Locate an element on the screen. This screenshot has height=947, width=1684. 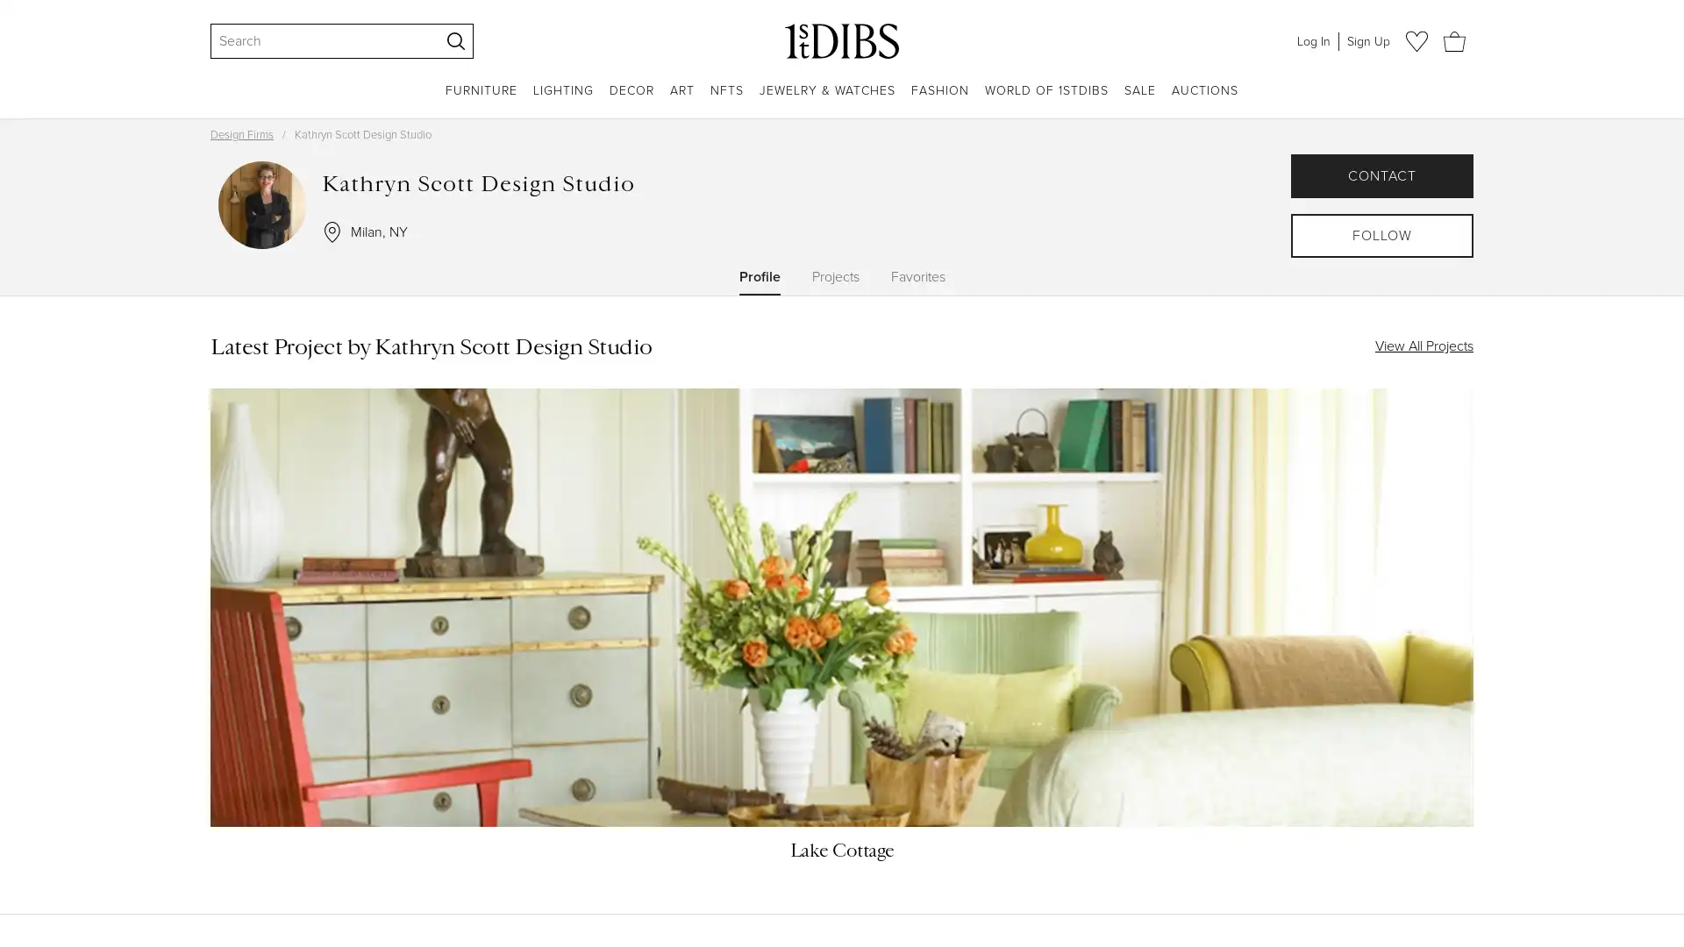
Sign Up is located at coordinates (1367, 39).